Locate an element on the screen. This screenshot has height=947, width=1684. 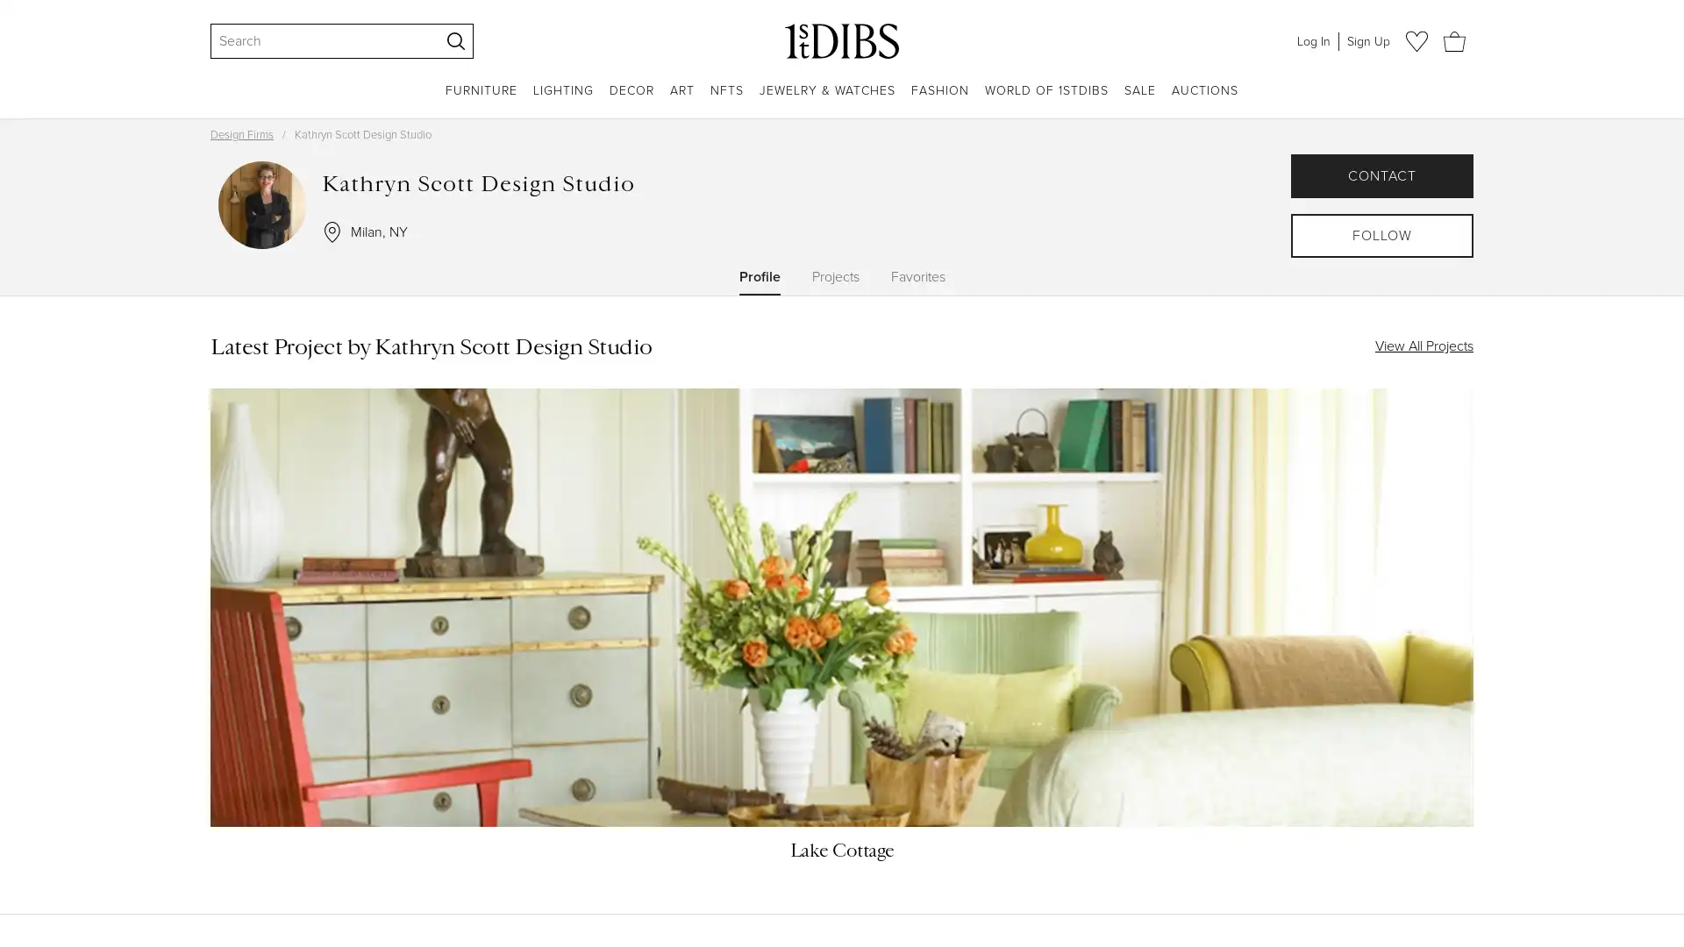
Sign Up is located at coordinates (1367, 39).